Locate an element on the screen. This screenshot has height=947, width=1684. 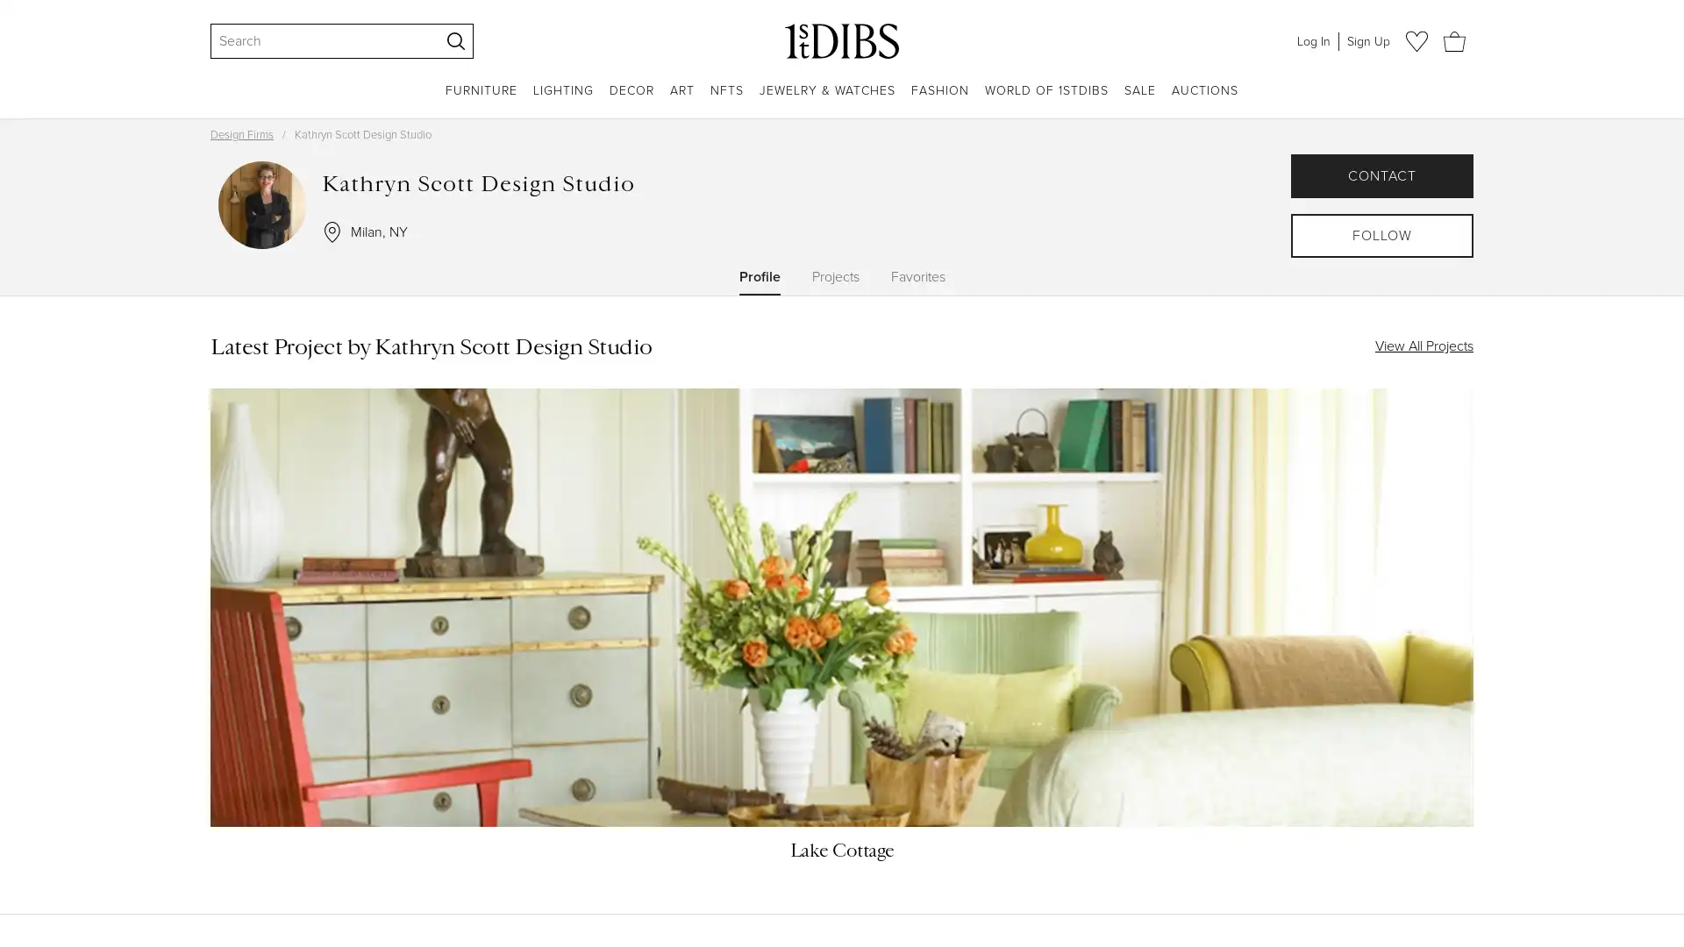
Sign Up is located at coordinates (1367, 39).